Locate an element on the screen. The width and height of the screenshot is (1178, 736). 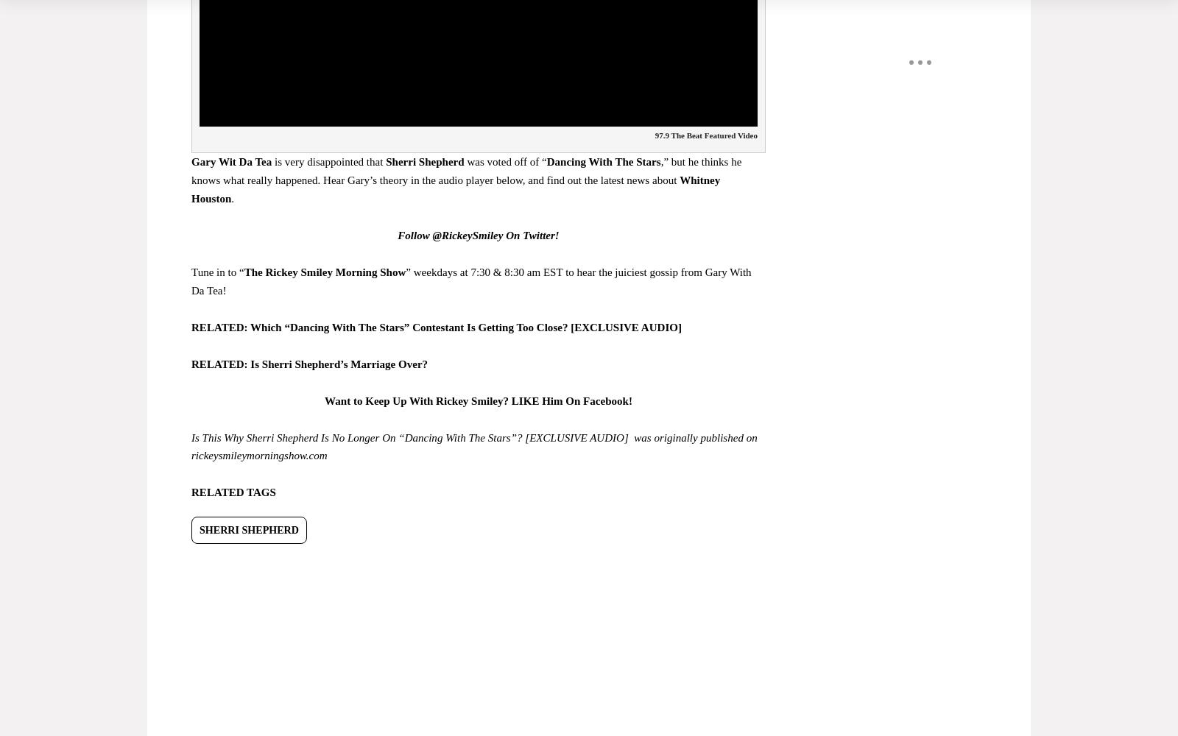
'Want to Keep Up With Rickey Smiley? LIKE Him On Facebook!' is located at coordinates (478, 400).